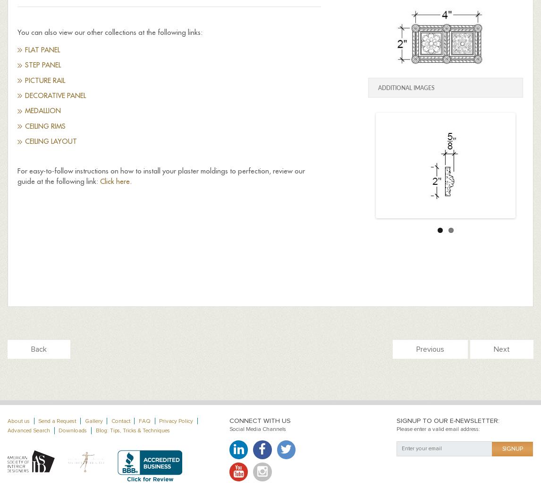 This screenshot has width=541, height=504. What do you see at coordinates (42, 65) in the screenshot?
I see `'Step Panel'` at bounding box center [42, 65].